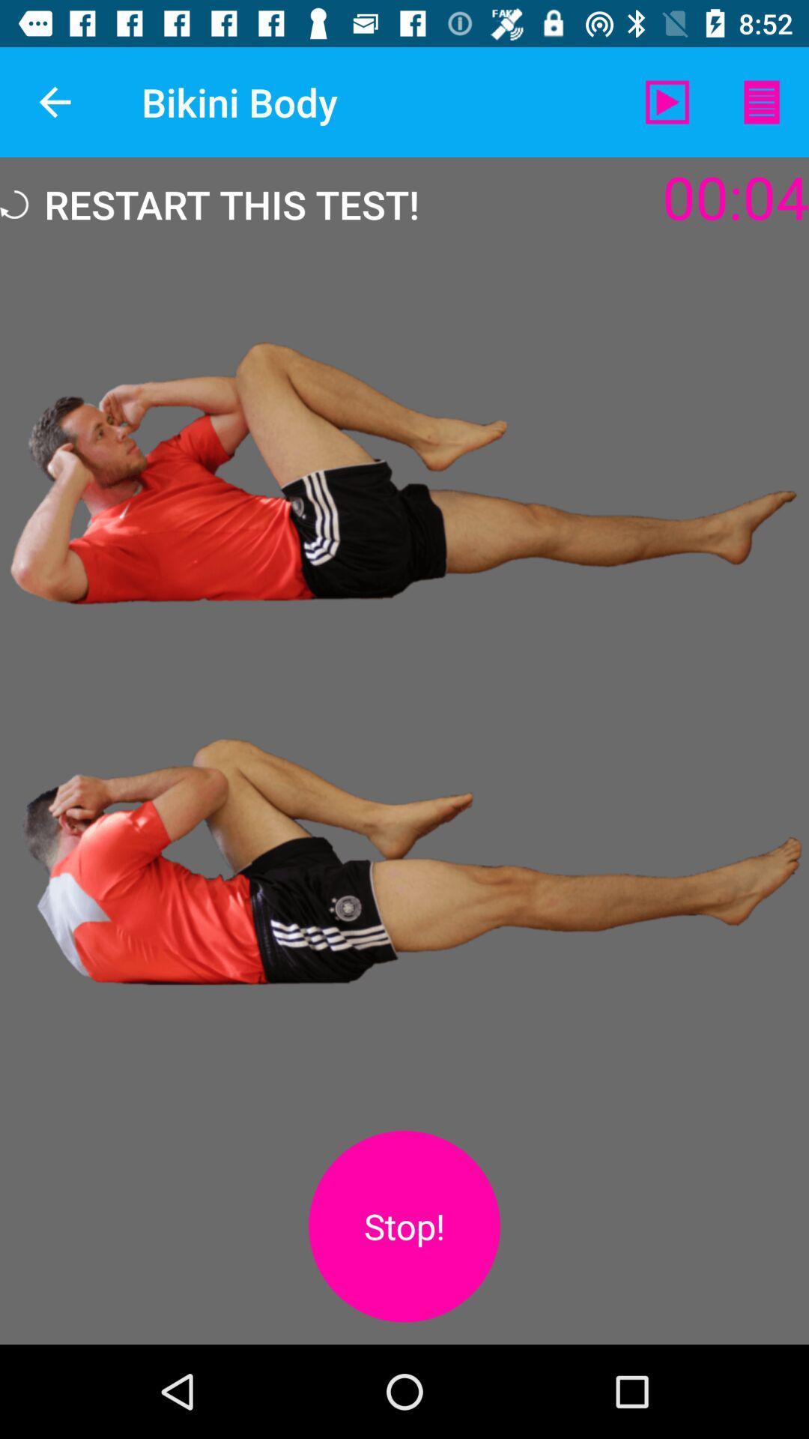 The height and width of the screenshot is (1439, 809). Describe the element at coordinates (54, 101) in the screenshot. I see `item above restart this test! item` at that location.